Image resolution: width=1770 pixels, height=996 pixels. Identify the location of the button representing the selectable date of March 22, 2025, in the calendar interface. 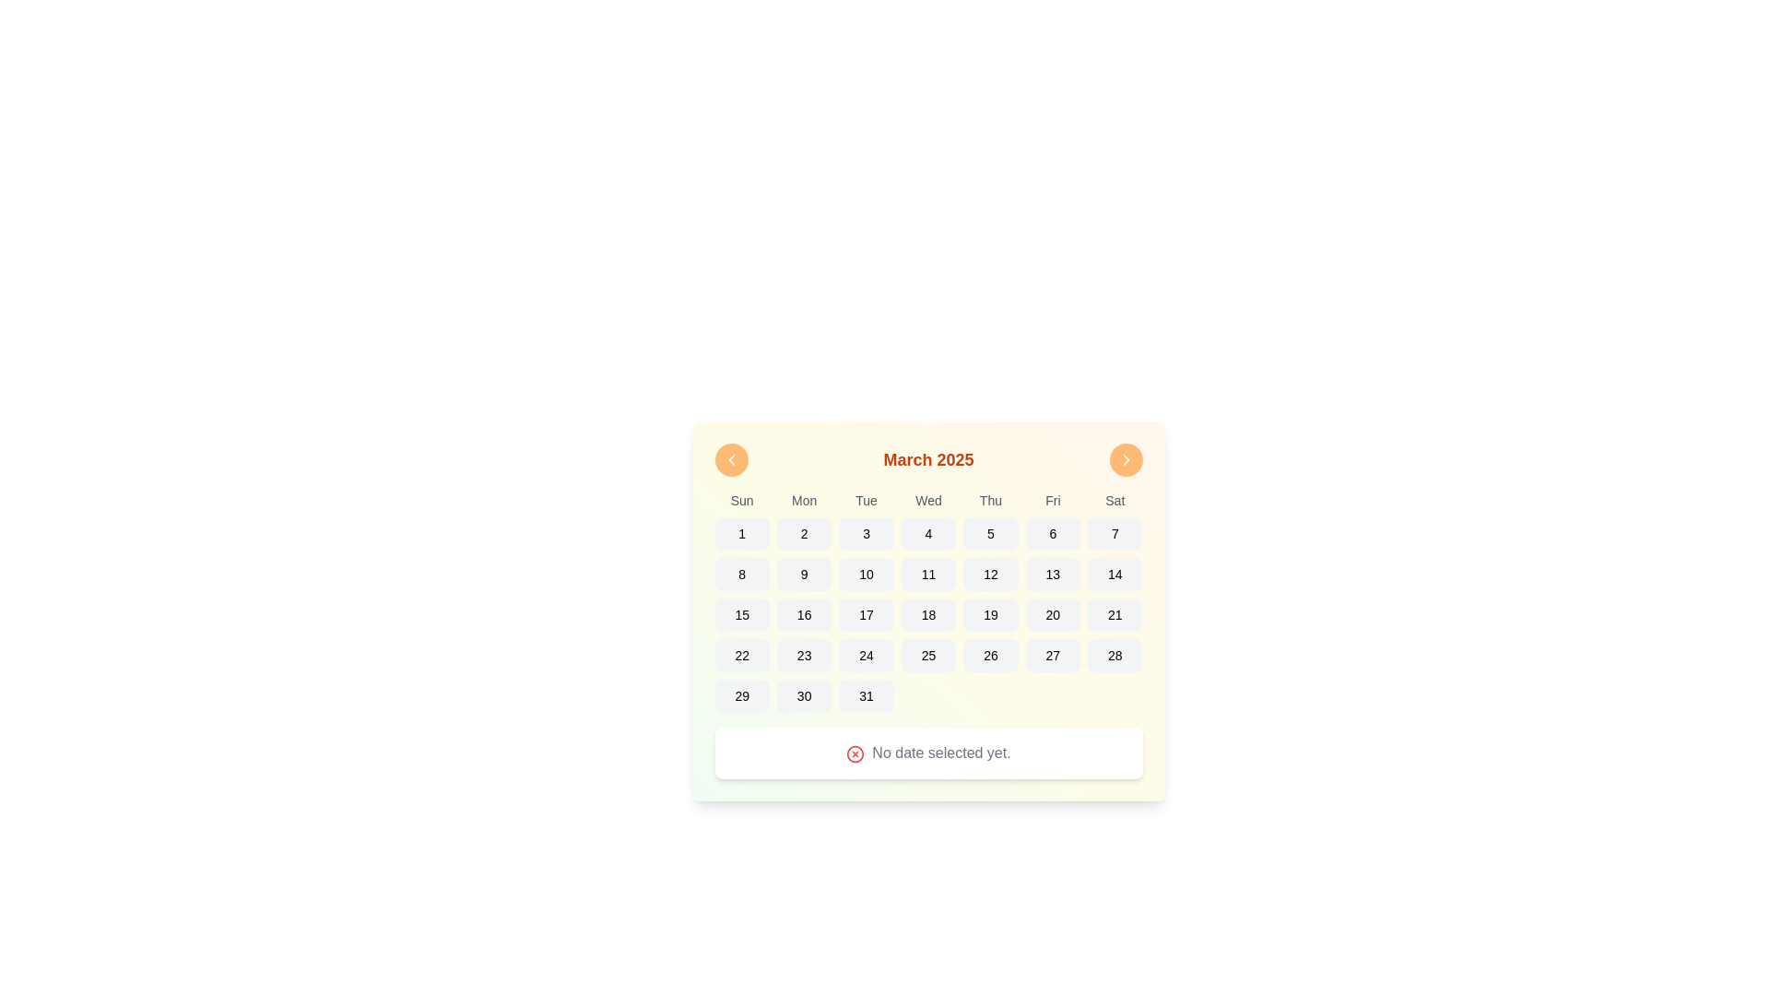
(742, 654).